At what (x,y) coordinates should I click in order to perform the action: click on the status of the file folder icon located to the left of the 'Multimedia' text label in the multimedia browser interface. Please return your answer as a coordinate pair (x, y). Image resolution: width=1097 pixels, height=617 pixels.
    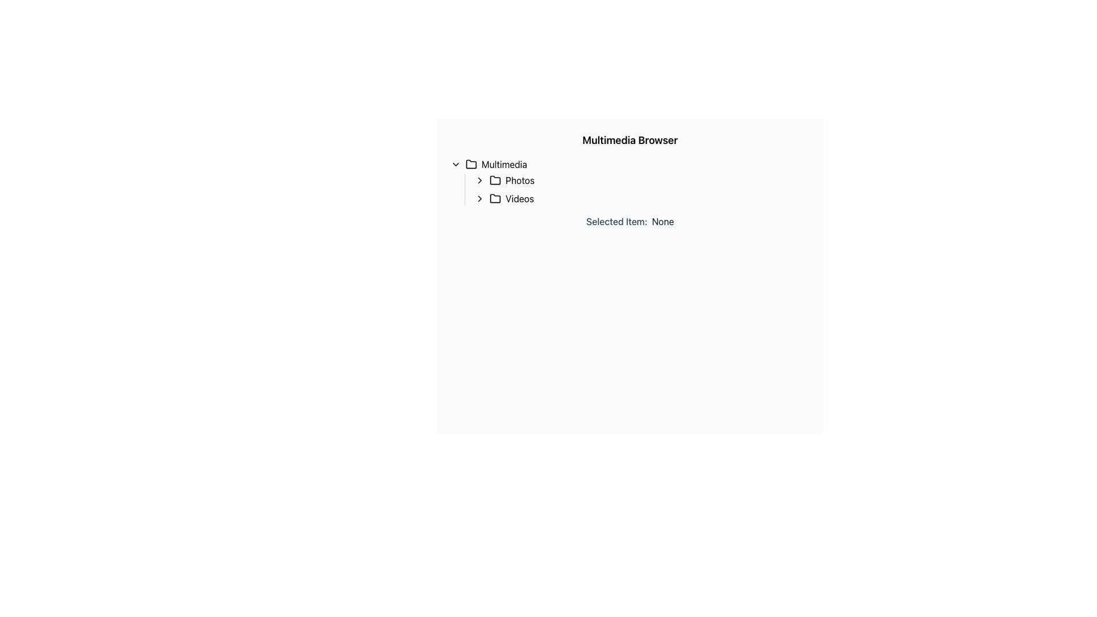
    Looking at the image, I should click on (471, 163).